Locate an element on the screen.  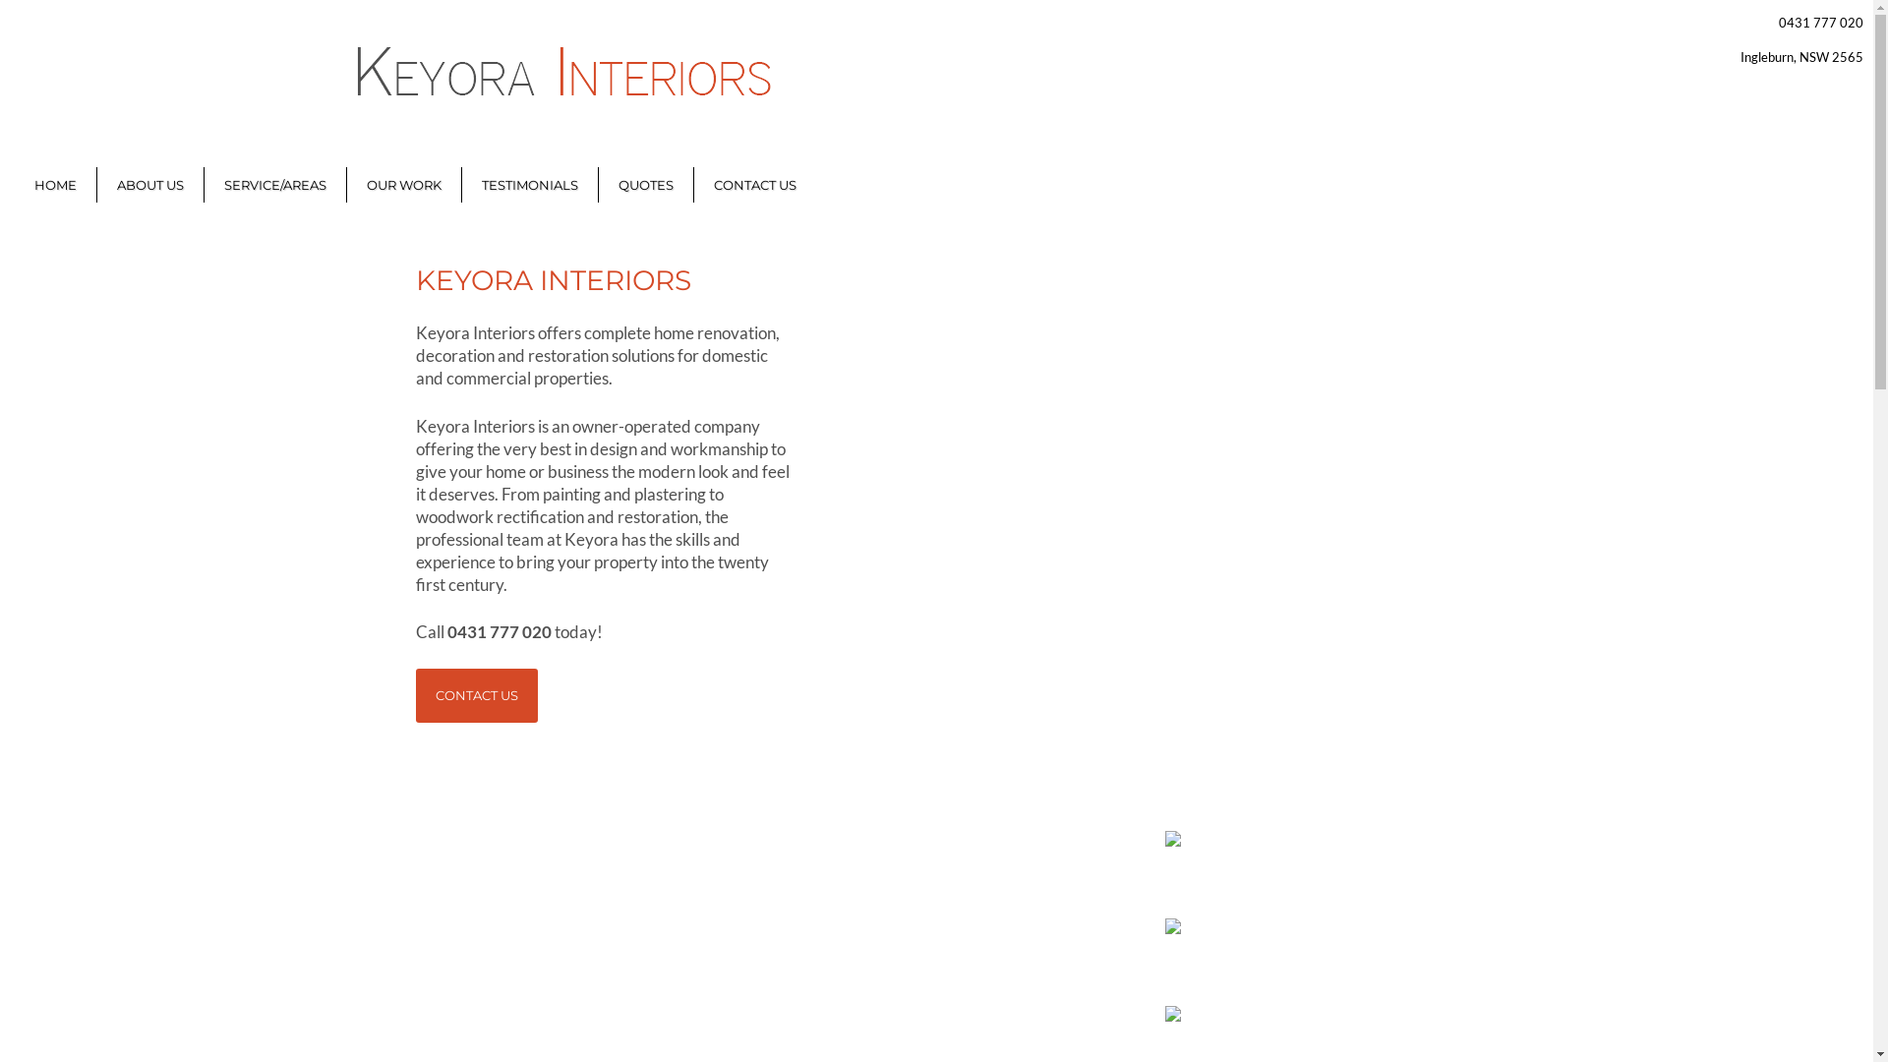
'CONTACT US' is located at coordinates (414, 695).